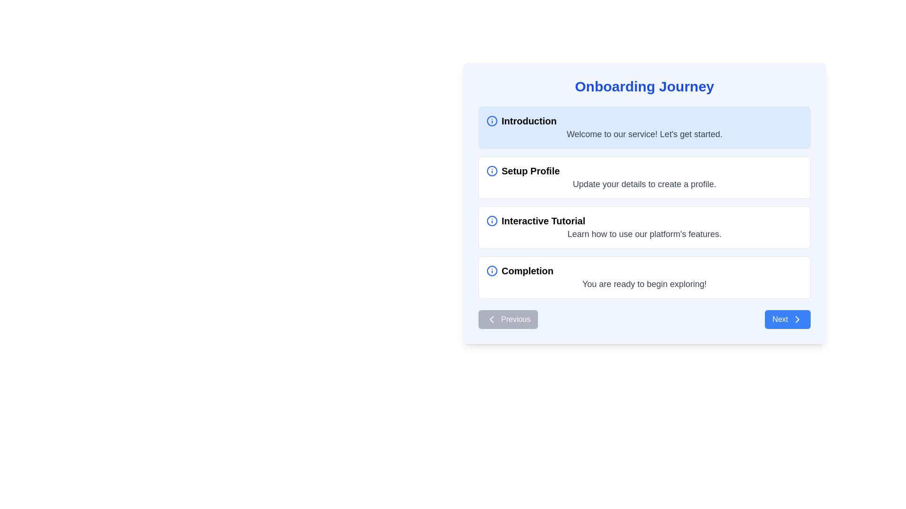  I want to click on the information marker icon that indicates additional context about the 'Interactive Tutorial' step in the onboarding process, located to the left of the corresponding text, so click(491, 221).